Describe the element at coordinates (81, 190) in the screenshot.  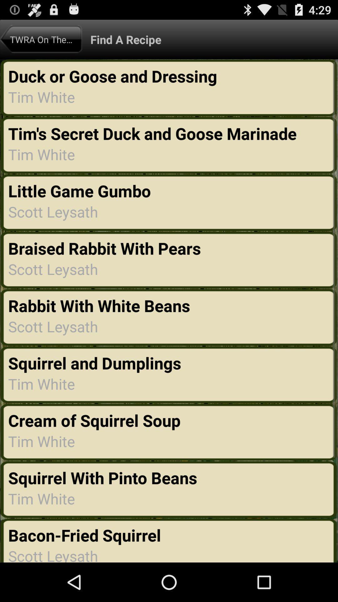
I see `little game gumbo  icon` at that location.